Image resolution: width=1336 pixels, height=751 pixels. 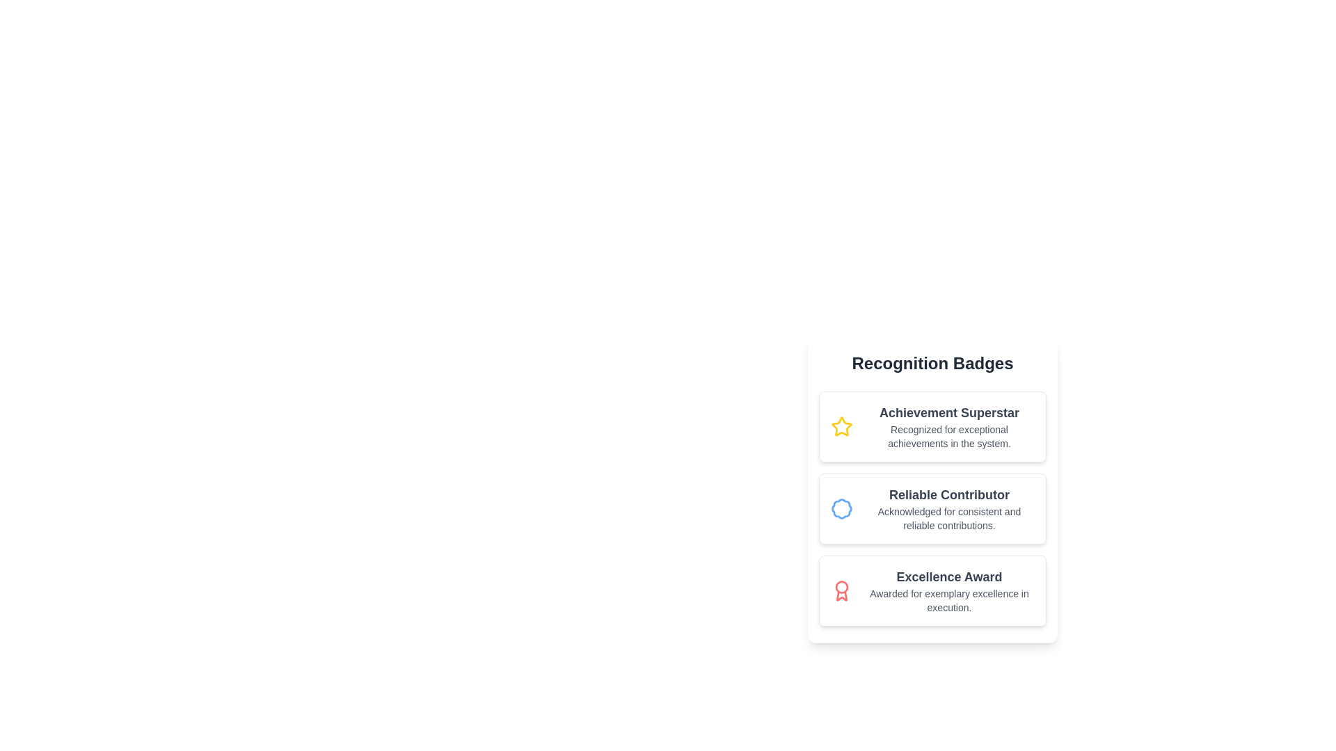 I want to click on the second Informational Card in the list of recognition badges, which displays accolades for consistent contributions, located between the 'Achievement Superstar' and 'Excellence Award' cards, so click(x=932, y=489).